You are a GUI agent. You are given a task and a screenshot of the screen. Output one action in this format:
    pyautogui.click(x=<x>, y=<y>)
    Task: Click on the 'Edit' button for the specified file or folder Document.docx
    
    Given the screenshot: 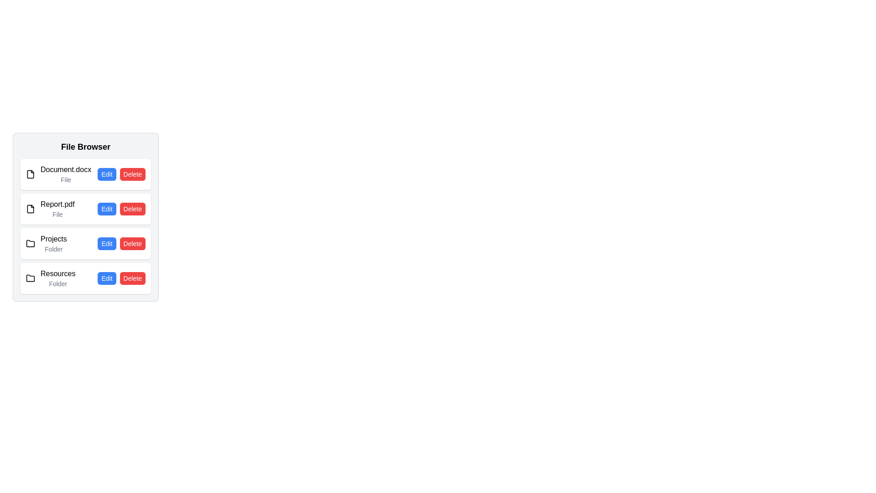 What is the action you would take?
    pyautogui.click(x=107, y=174)
    